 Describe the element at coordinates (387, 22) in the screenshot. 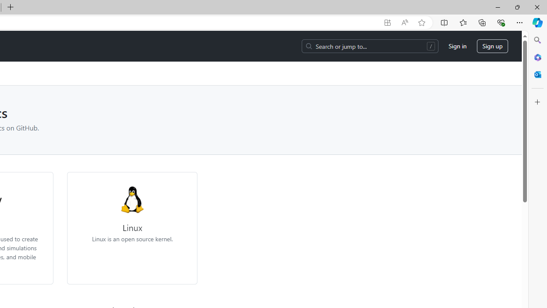

I see `'App available. Install GitHub'` at that location.